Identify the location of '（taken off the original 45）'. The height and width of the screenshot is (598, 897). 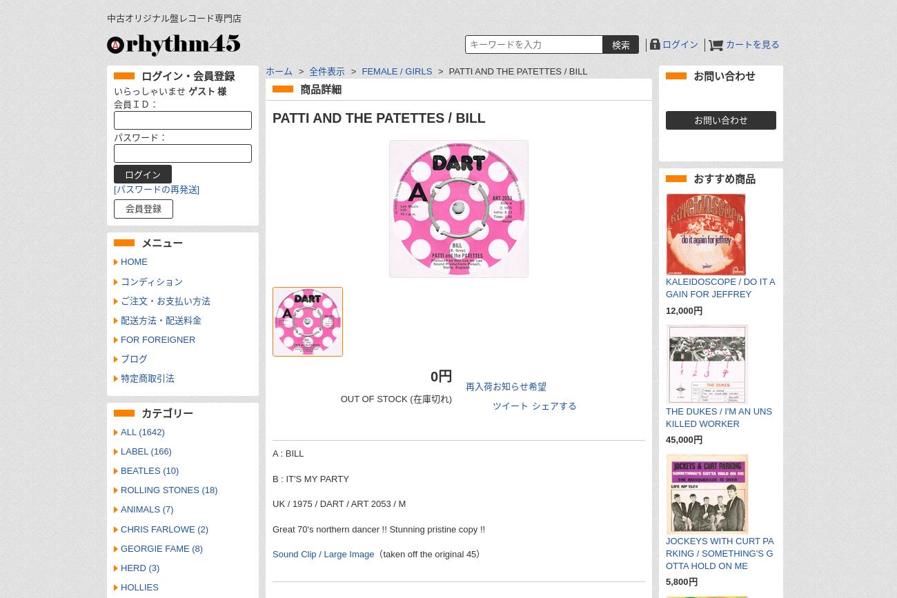
(429, 552).